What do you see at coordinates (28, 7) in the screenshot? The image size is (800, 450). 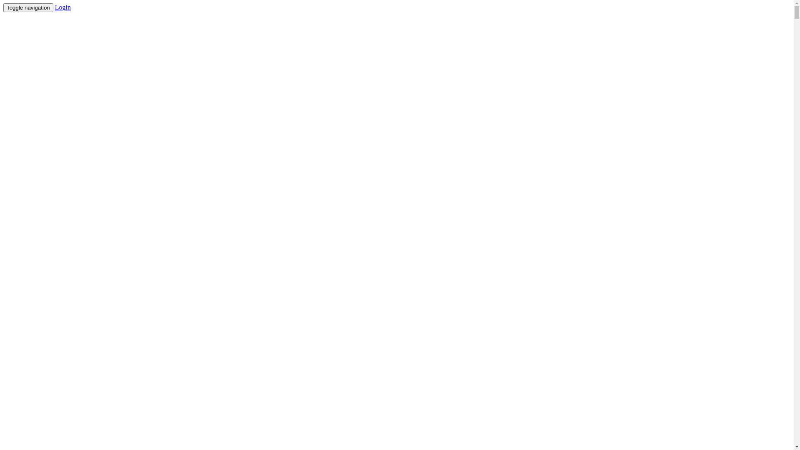 I see `'Toggle navigation'` at bounding box center [28, 7].